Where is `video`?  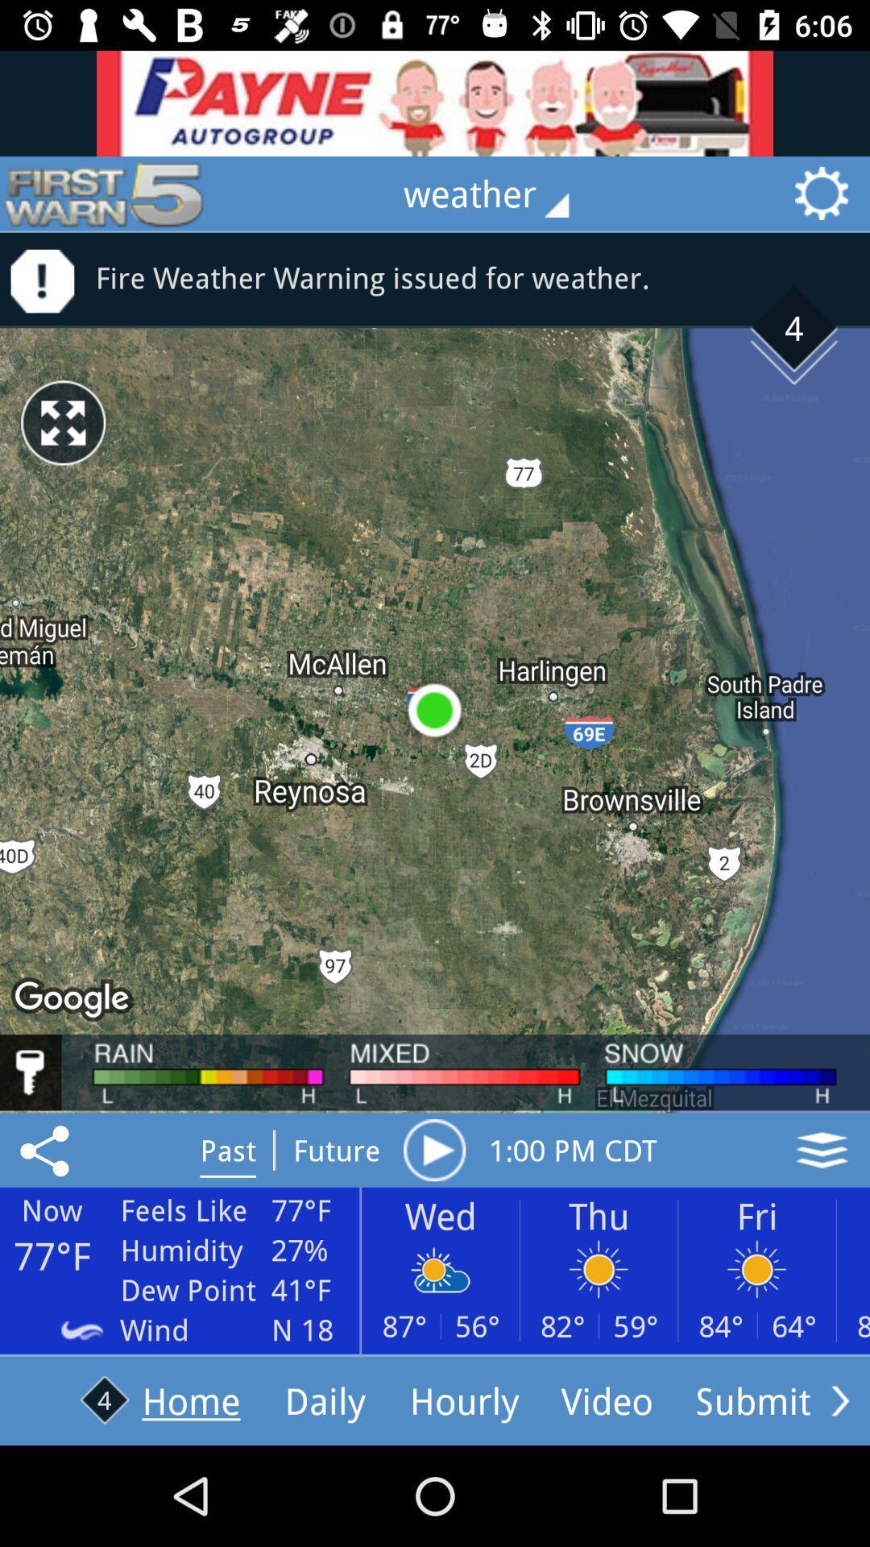
video is located at coordinates (433, 1149).